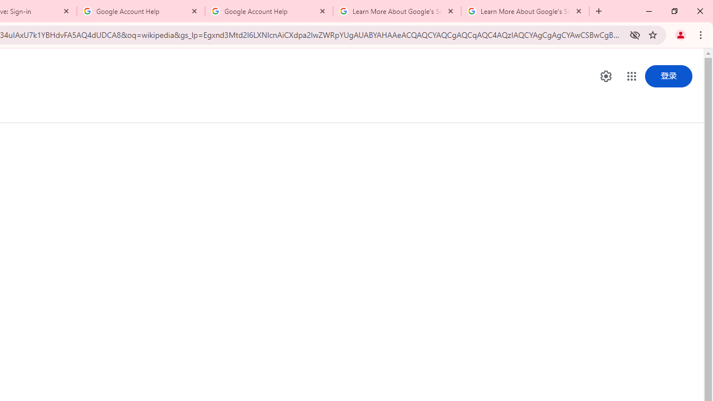 The height and width of the screenshot is (401, 713). Describe the element at coordinates (140, 11) in the screenshot. I see `'Google Account Help'` at that location.